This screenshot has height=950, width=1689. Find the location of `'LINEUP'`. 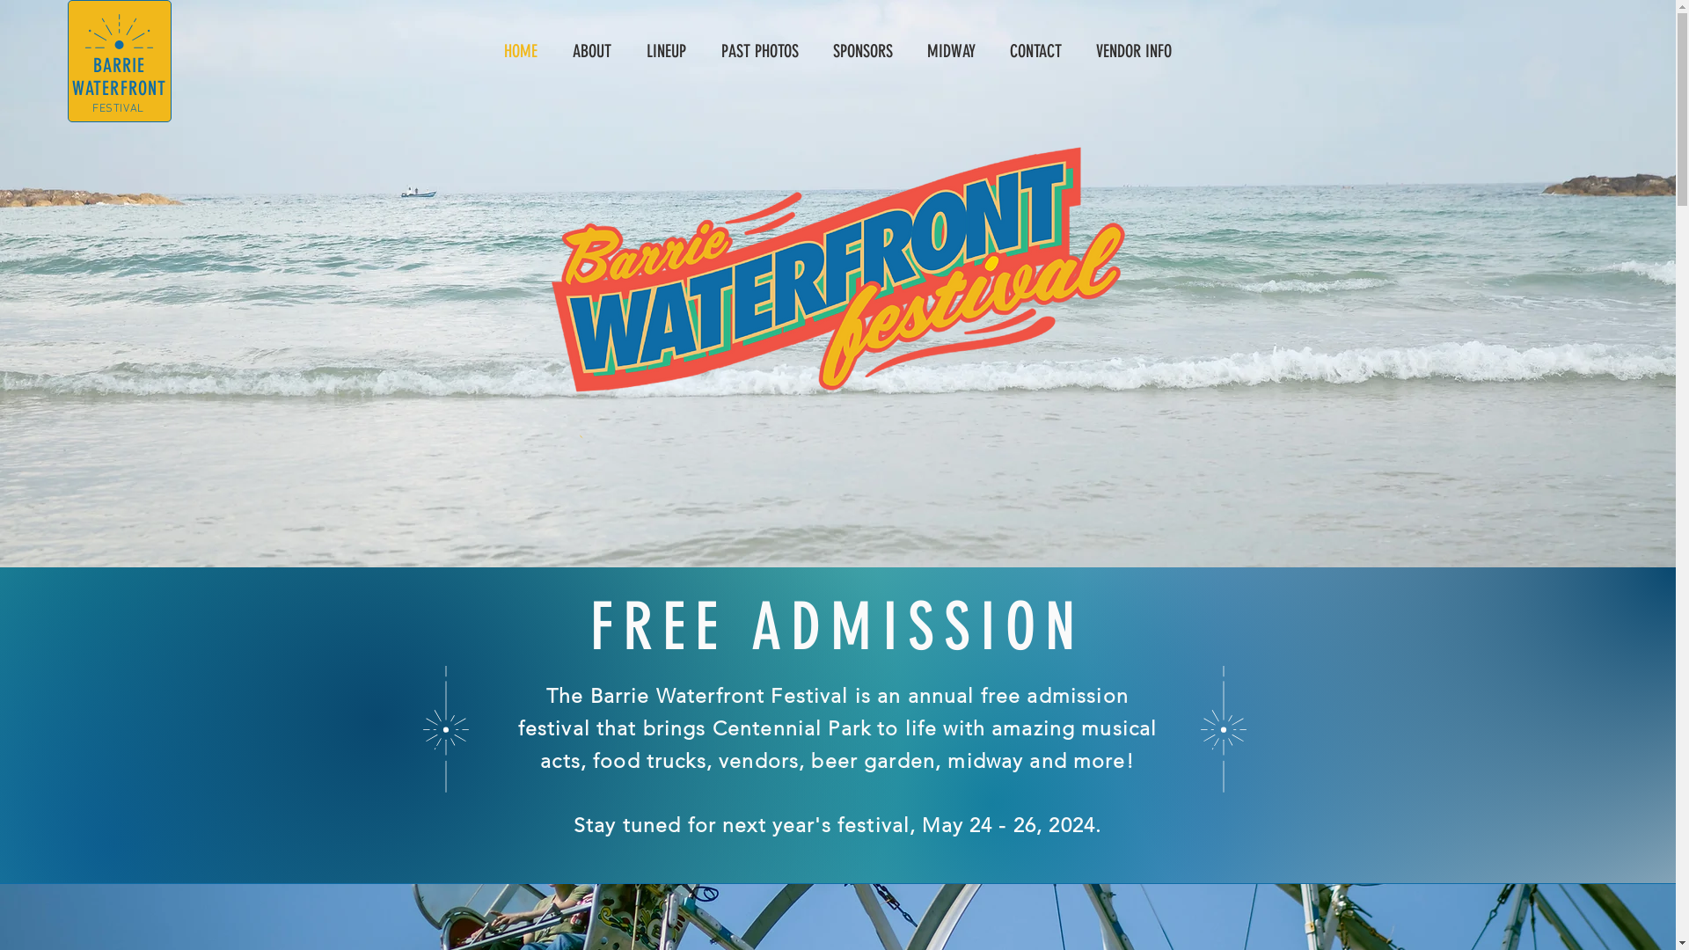

'LINEUP' is located at coordinates (664, 49).